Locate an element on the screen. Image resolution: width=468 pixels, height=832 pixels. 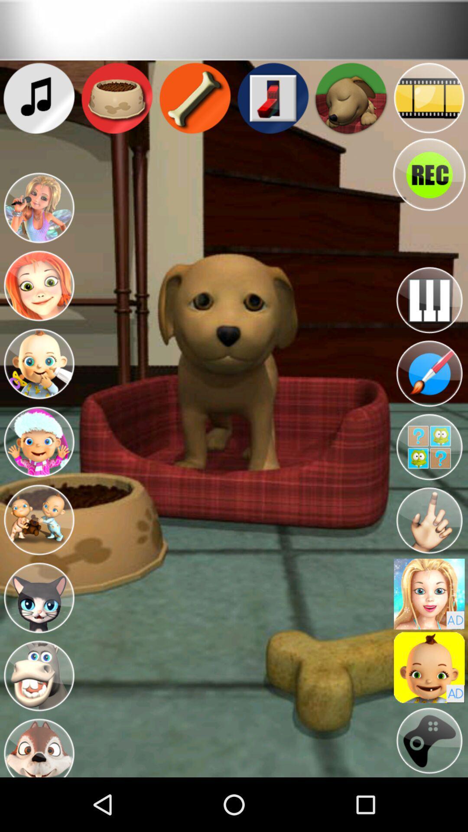
the avatar icon is located at coordinates (38, 472).